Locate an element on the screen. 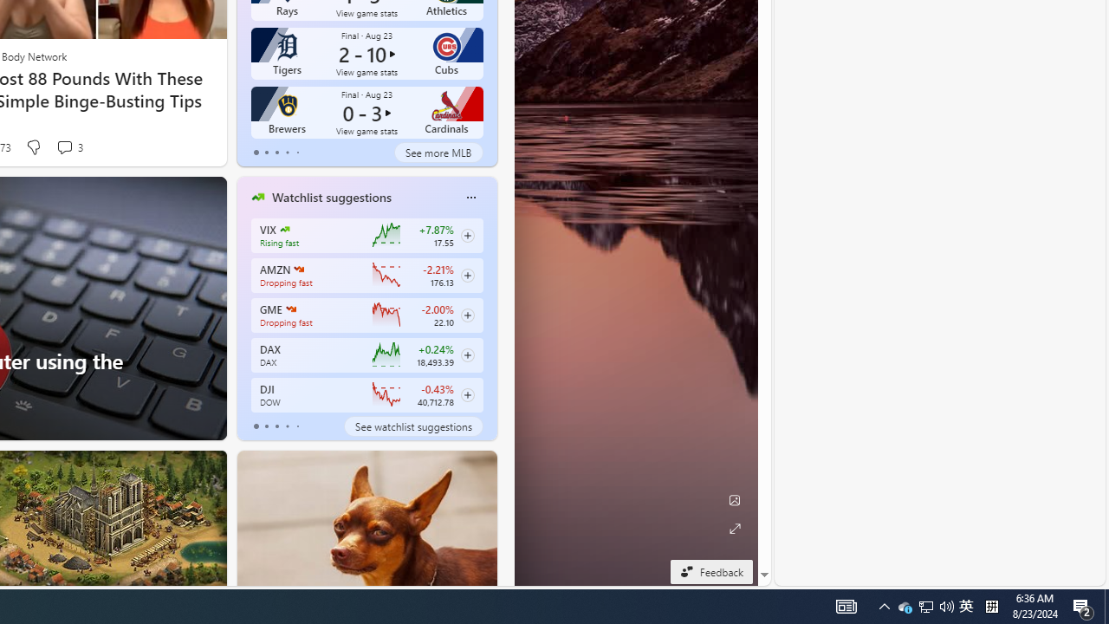  'tab-4' is located at coordinates (297, 426).